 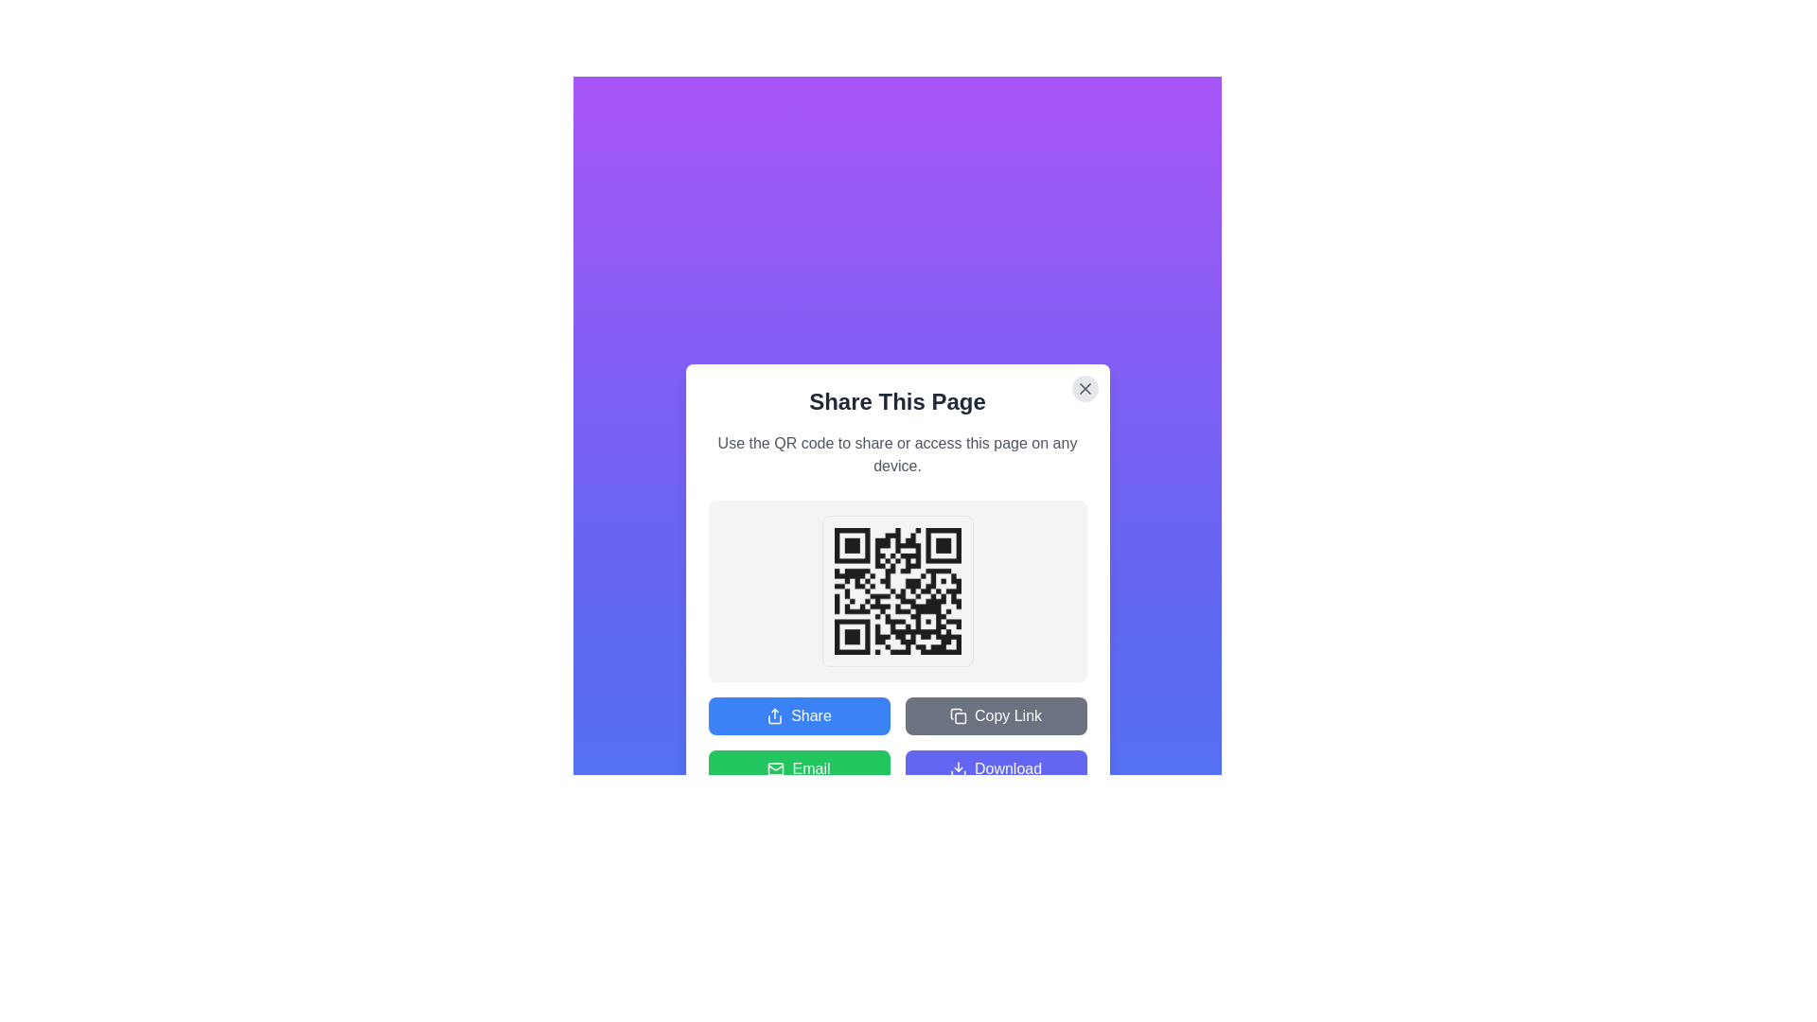 I want to click on the small copy icon, which consists of two overlapping rectangles and is located inside the 'Copy Link' button, next to the text 'Copy Link', so click(x=958, y=715).